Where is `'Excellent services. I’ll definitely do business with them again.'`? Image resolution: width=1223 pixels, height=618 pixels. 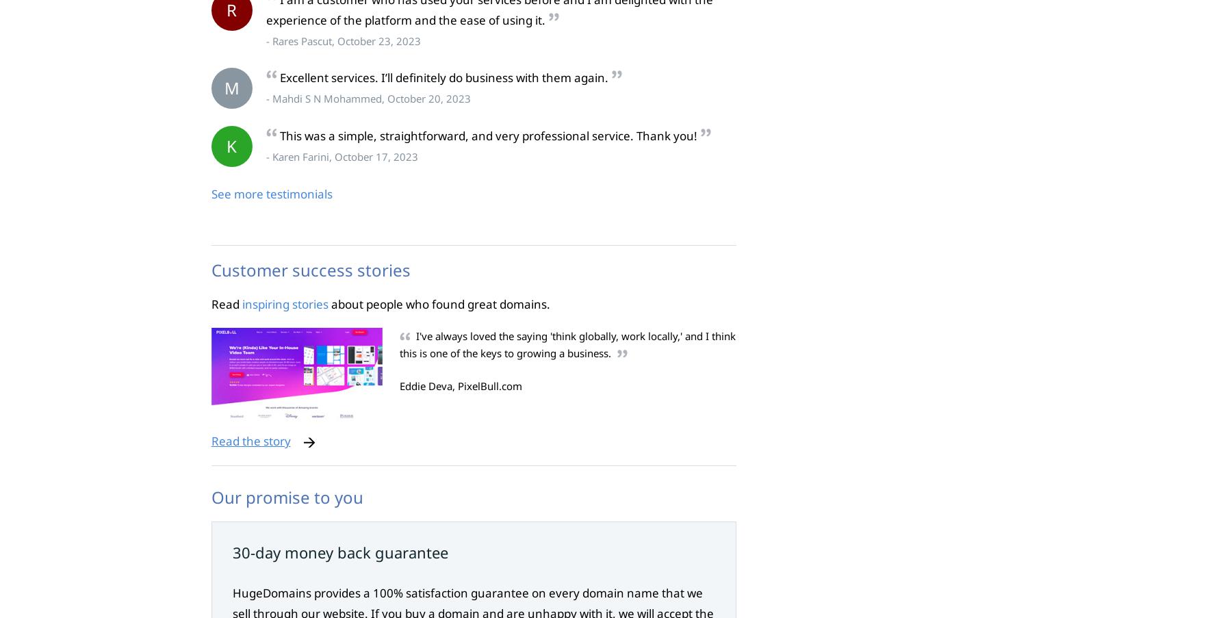
'Excellent services. I’ll definitely do business with them again.' is located at coordinates (442, 77).